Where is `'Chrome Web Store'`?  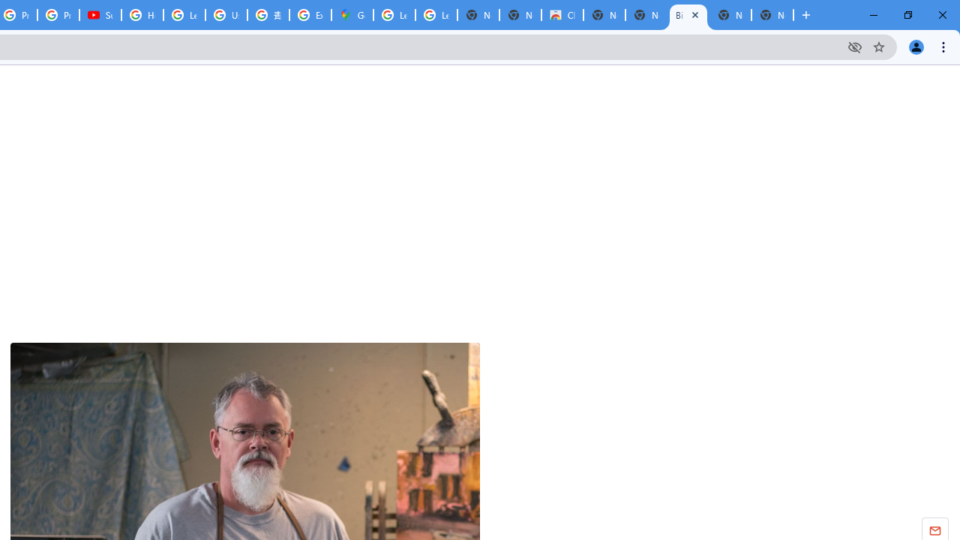 'Chrome Web Store' is located at coordinates (562, 15).